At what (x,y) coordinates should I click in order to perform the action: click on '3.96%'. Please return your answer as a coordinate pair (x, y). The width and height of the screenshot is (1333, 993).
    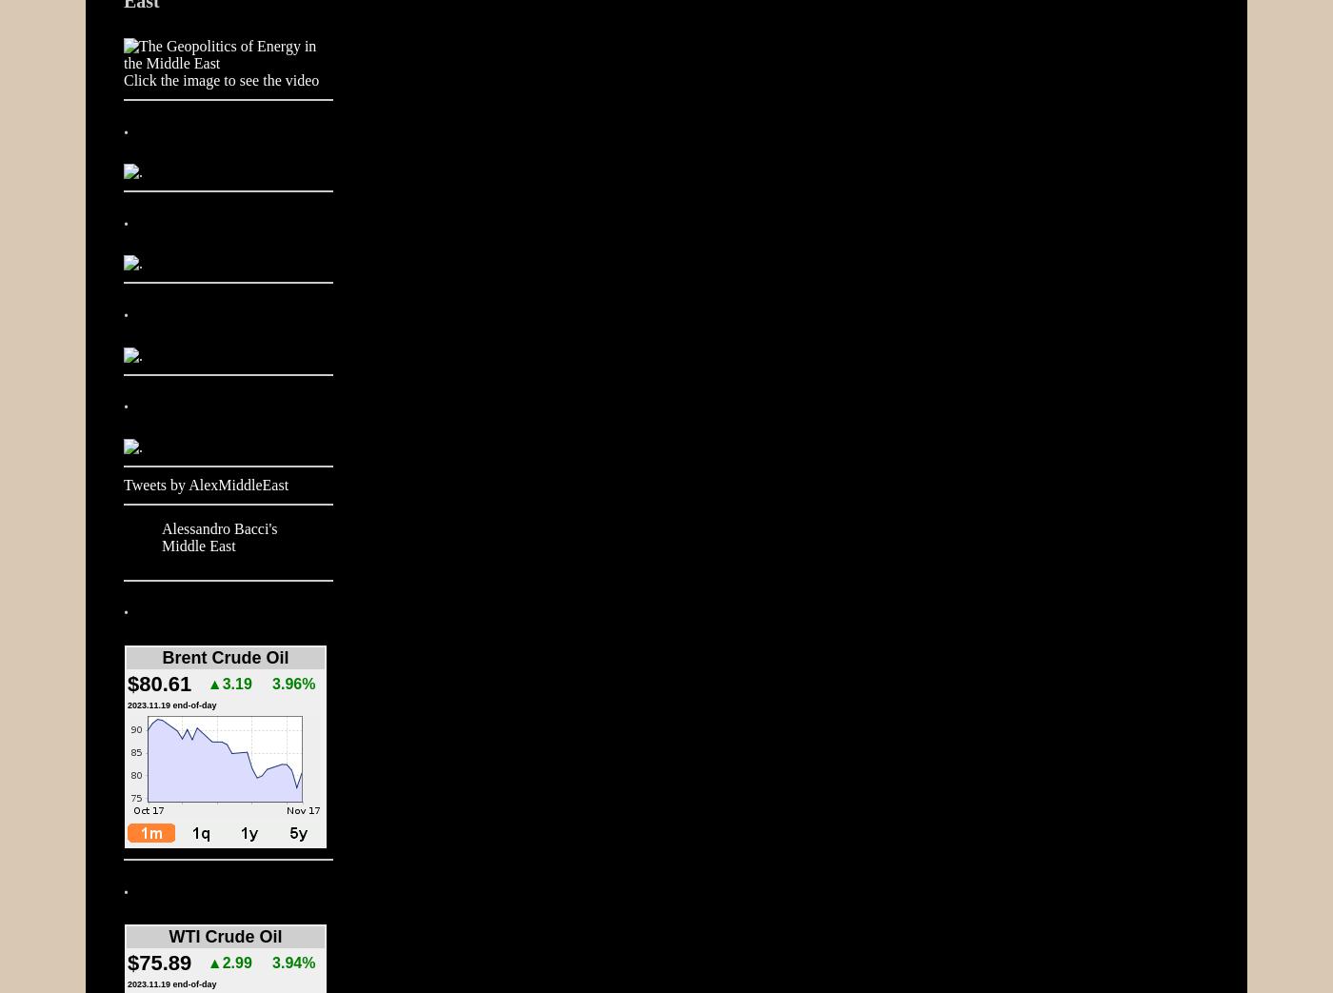
    Looking at the image, I should click on (293, 684).